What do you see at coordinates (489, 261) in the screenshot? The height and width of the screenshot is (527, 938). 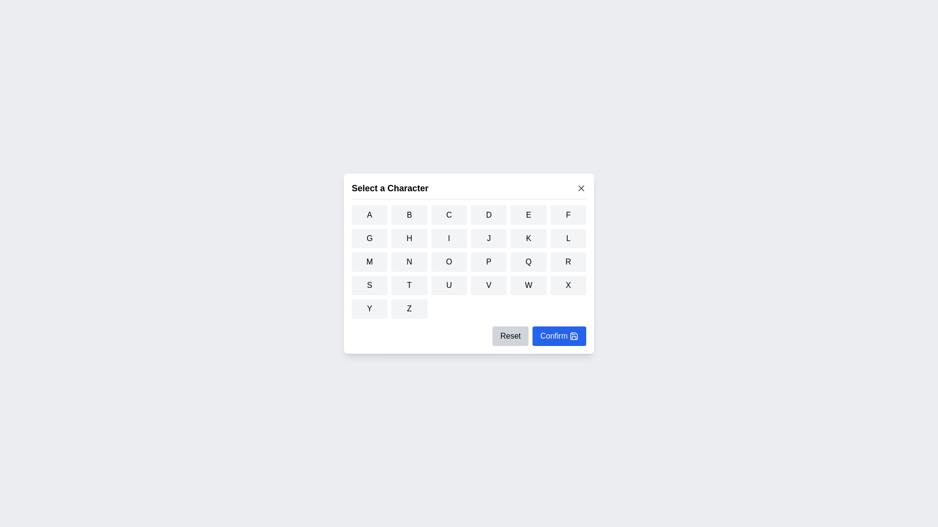 I see `the button corresponding to the character P to select it` at bounding box center [489, 261].